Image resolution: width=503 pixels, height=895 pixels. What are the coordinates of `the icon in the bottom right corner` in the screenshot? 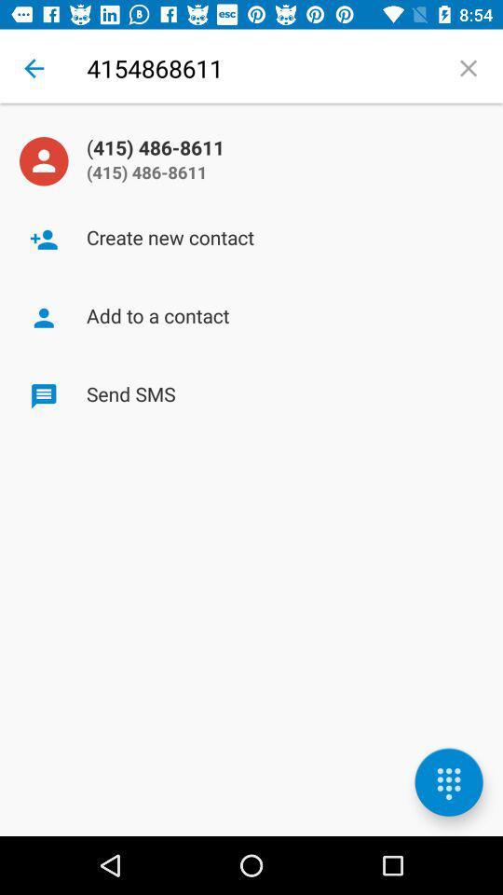 It's located at (448, 782).